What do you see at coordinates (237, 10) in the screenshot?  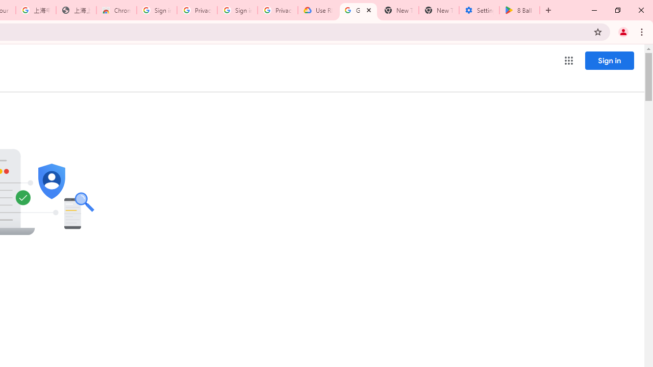 I see `'Sign in - Google Accounts'` at bounding box center [237, 10].